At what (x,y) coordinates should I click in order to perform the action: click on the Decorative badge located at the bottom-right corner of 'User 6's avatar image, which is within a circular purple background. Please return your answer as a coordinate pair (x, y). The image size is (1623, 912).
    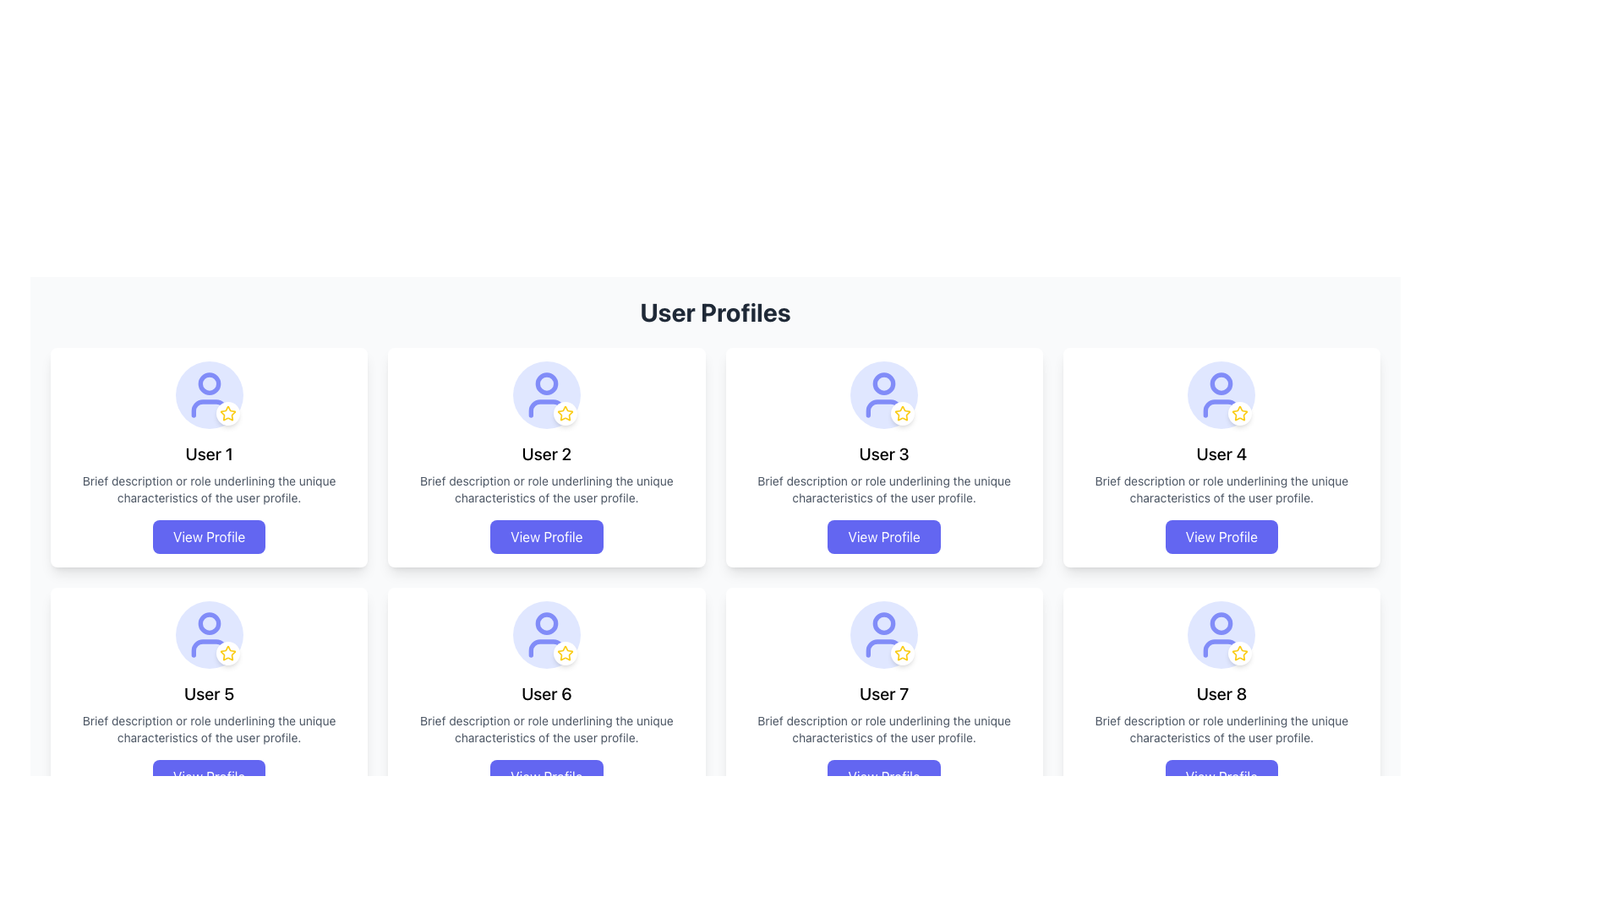
    Looking at the image, I should click on (565, 653).